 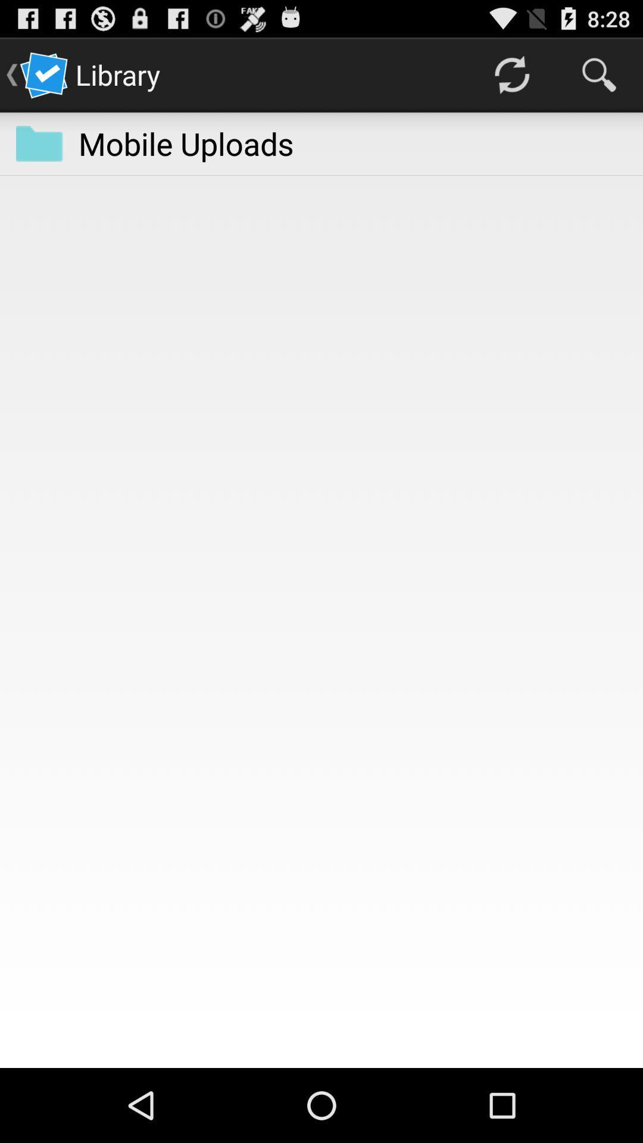 What do you see at coordinates (186, 143) in the screenshot?
I see `the app below library` at bounding box center [186, 143].